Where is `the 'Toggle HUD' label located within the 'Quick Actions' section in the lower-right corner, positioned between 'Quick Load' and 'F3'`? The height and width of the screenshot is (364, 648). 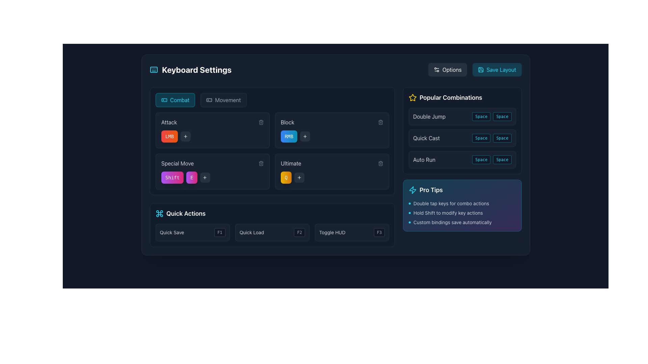 the 'Toggle HUD' label located within the 'Quick Actions' section in the lower-right corner, positioned between 'Quick Load' and 'F3' is located at coordinates (332, 232).